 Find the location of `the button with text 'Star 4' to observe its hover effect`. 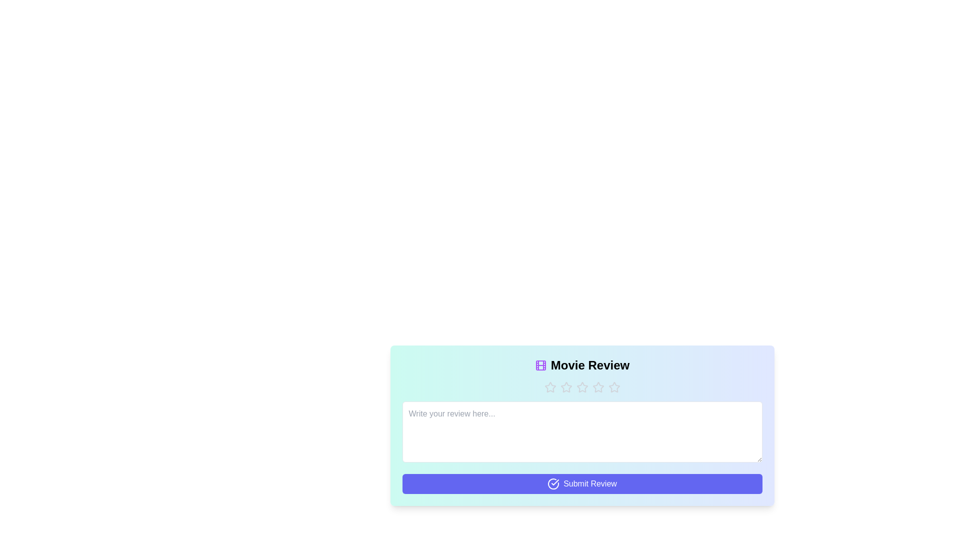

the button with text 'Star 4' to observe its hover effect is located at coordinates (598, 387).